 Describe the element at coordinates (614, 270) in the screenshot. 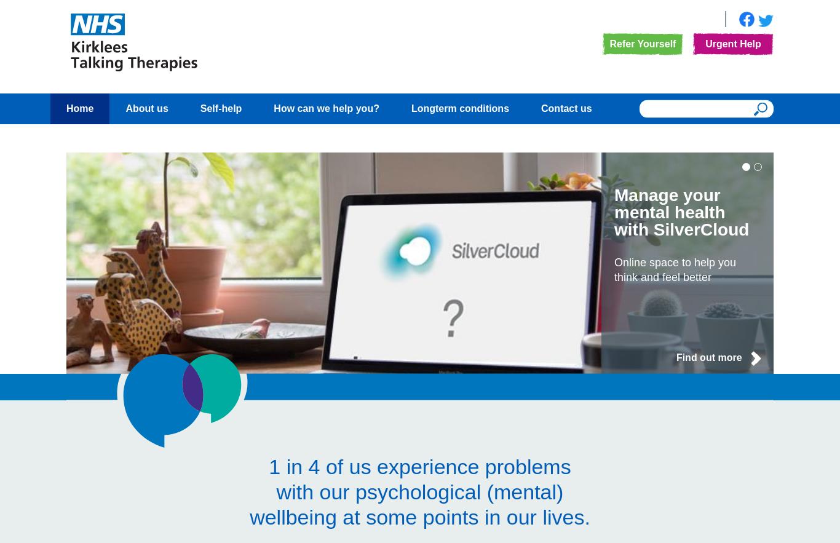

I see `'Online space to help you  think and feel better'` at that location.